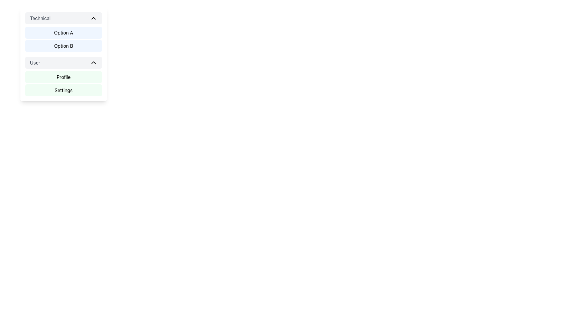  Describe the element at coordinates (93, 18) in the screenshot. I see `the upward-facing chevron icon styled in black, located at the right end of the 'Technical' bar with a light gray background` at that location.